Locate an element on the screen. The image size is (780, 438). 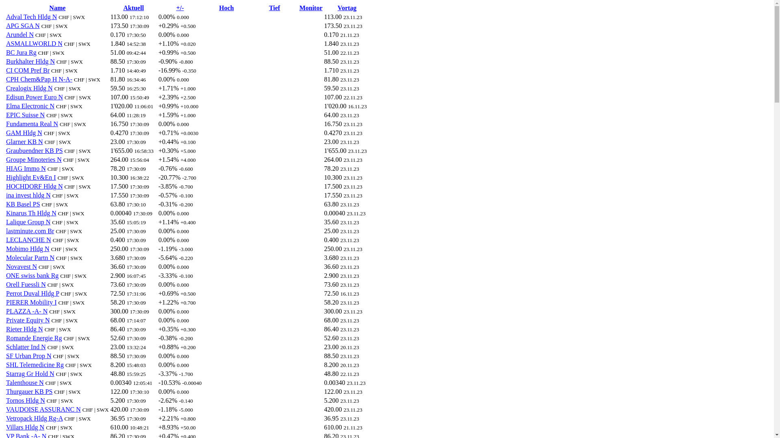
'PLAZZA -A- N' is located at coordinates (27, 311).